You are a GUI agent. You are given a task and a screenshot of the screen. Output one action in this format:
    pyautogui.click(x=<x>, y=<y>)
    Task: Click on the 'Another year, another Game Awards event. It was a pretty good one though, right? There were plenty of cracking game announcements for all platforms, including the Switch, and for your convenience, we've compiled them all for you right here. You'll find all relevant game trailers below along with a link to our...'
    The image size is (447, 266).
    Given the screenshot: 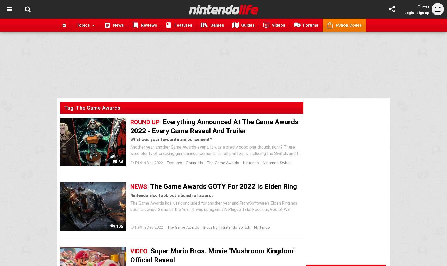 What is the action you would take?
    pyautogui.click(x=216, y=157)
    